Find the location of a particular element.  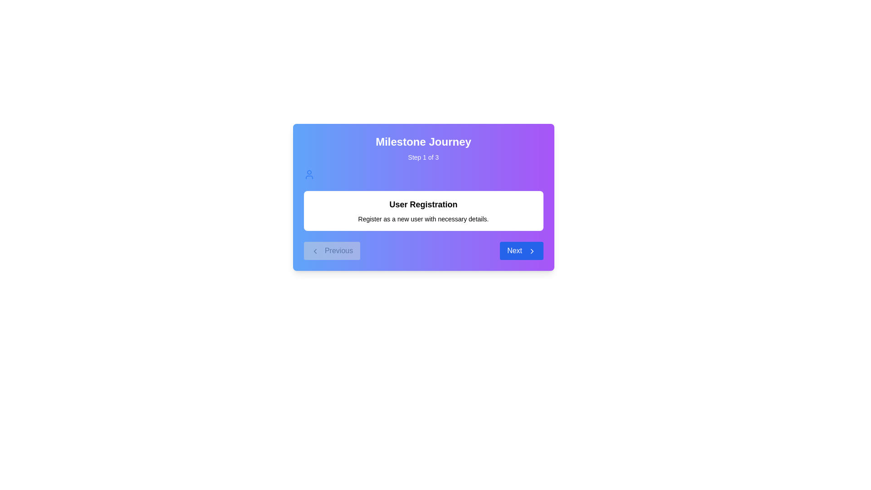

the arrow icon located at the bottom-right corner of the 'Next' button, which serves as a forward-progression control in the navigation flow is located at coordinates (532, 251).